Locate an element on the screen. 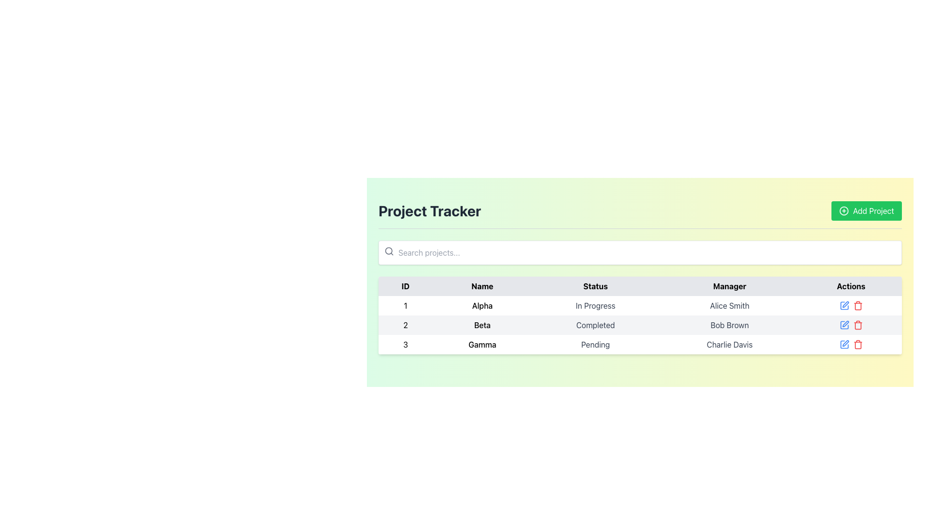 The height and width of the screenshot is (525, 933). the button in the 'Actions' column for the row corresponding to 'Charlie Davis' is located at coordinates (850, 344).